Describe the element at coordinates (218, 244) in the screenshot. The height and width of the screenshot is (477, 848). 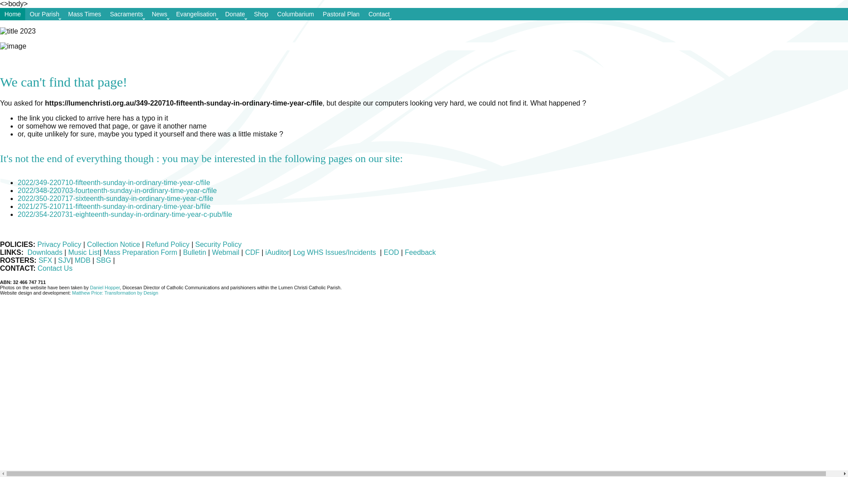
I see `'Security Policy'` at that location.